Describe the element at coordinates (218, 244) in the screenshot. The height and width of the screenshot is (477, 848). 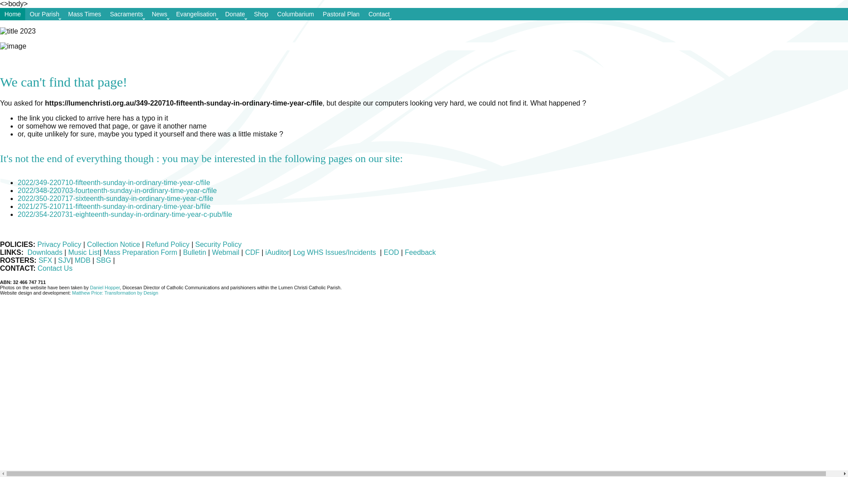
I see `'Security Policy'` at that location.